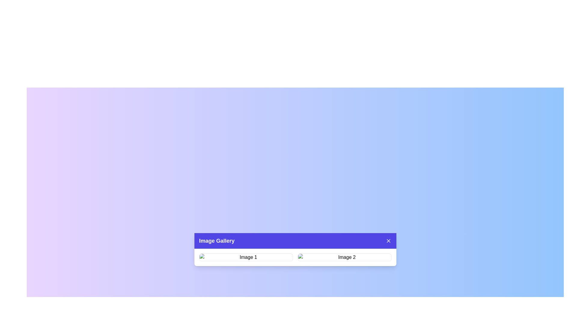 This screenshot has height=324, width=577. What do you see at coordinates (388, 240) in the screenshot?
I see `the close button to close the modal window` at bounding box center [388, 240].